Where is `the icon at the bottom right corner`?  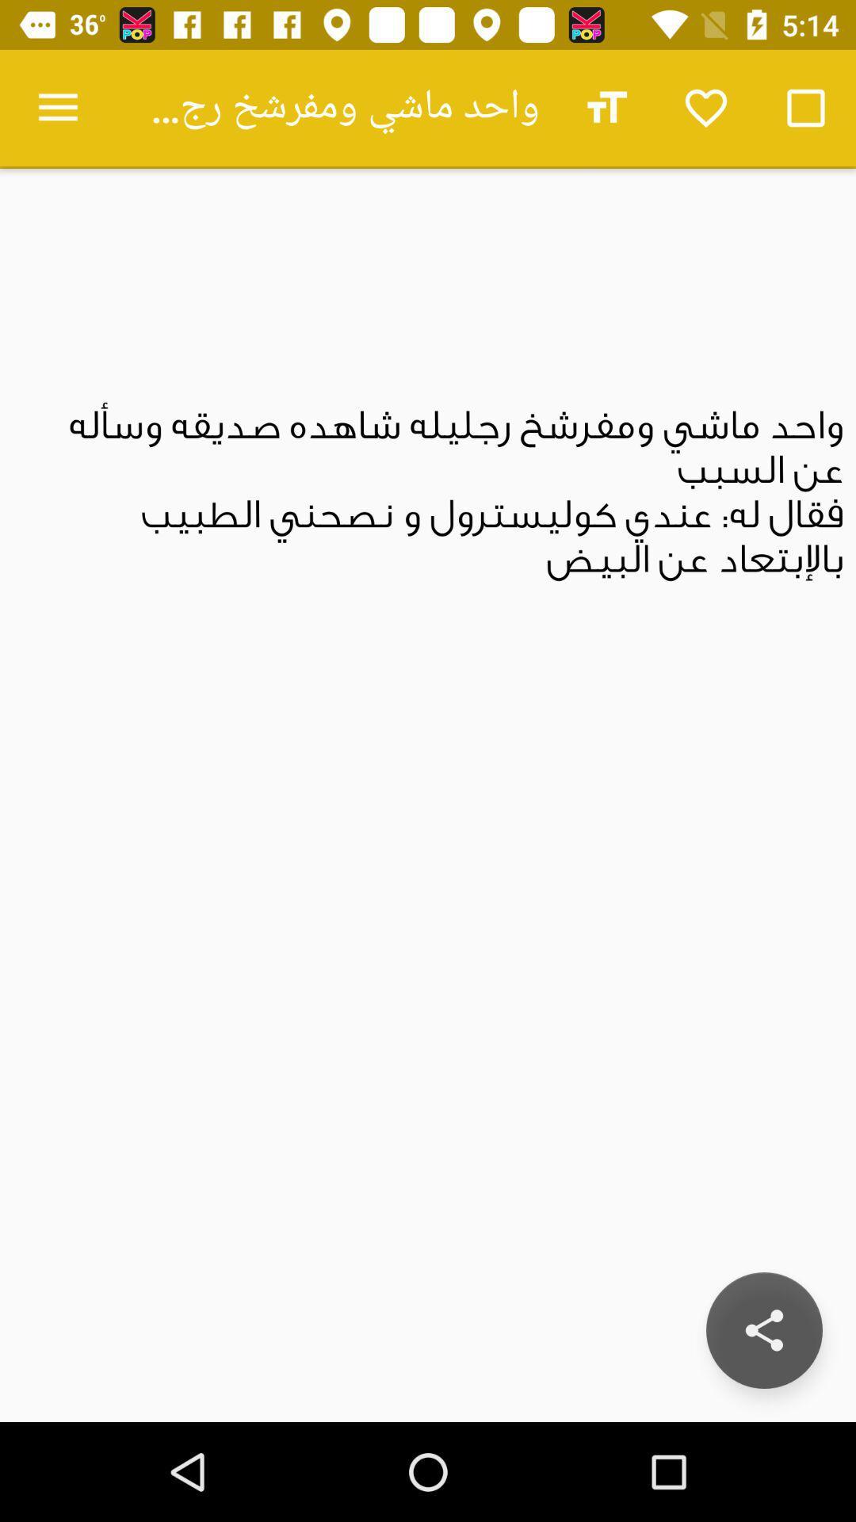
the icon at the bottom right corner is located at coordinates (763, 1330).